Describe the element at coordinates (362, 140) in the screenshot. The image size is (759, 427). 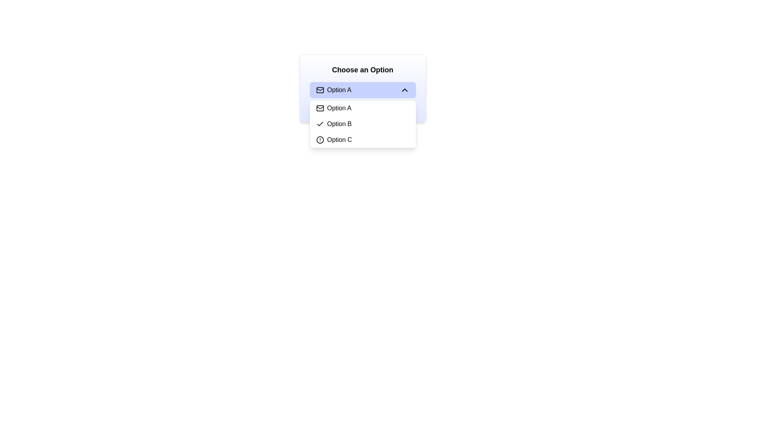
I see `the third entry in the dropdown menu titled 'Choose an Option'` at that location.